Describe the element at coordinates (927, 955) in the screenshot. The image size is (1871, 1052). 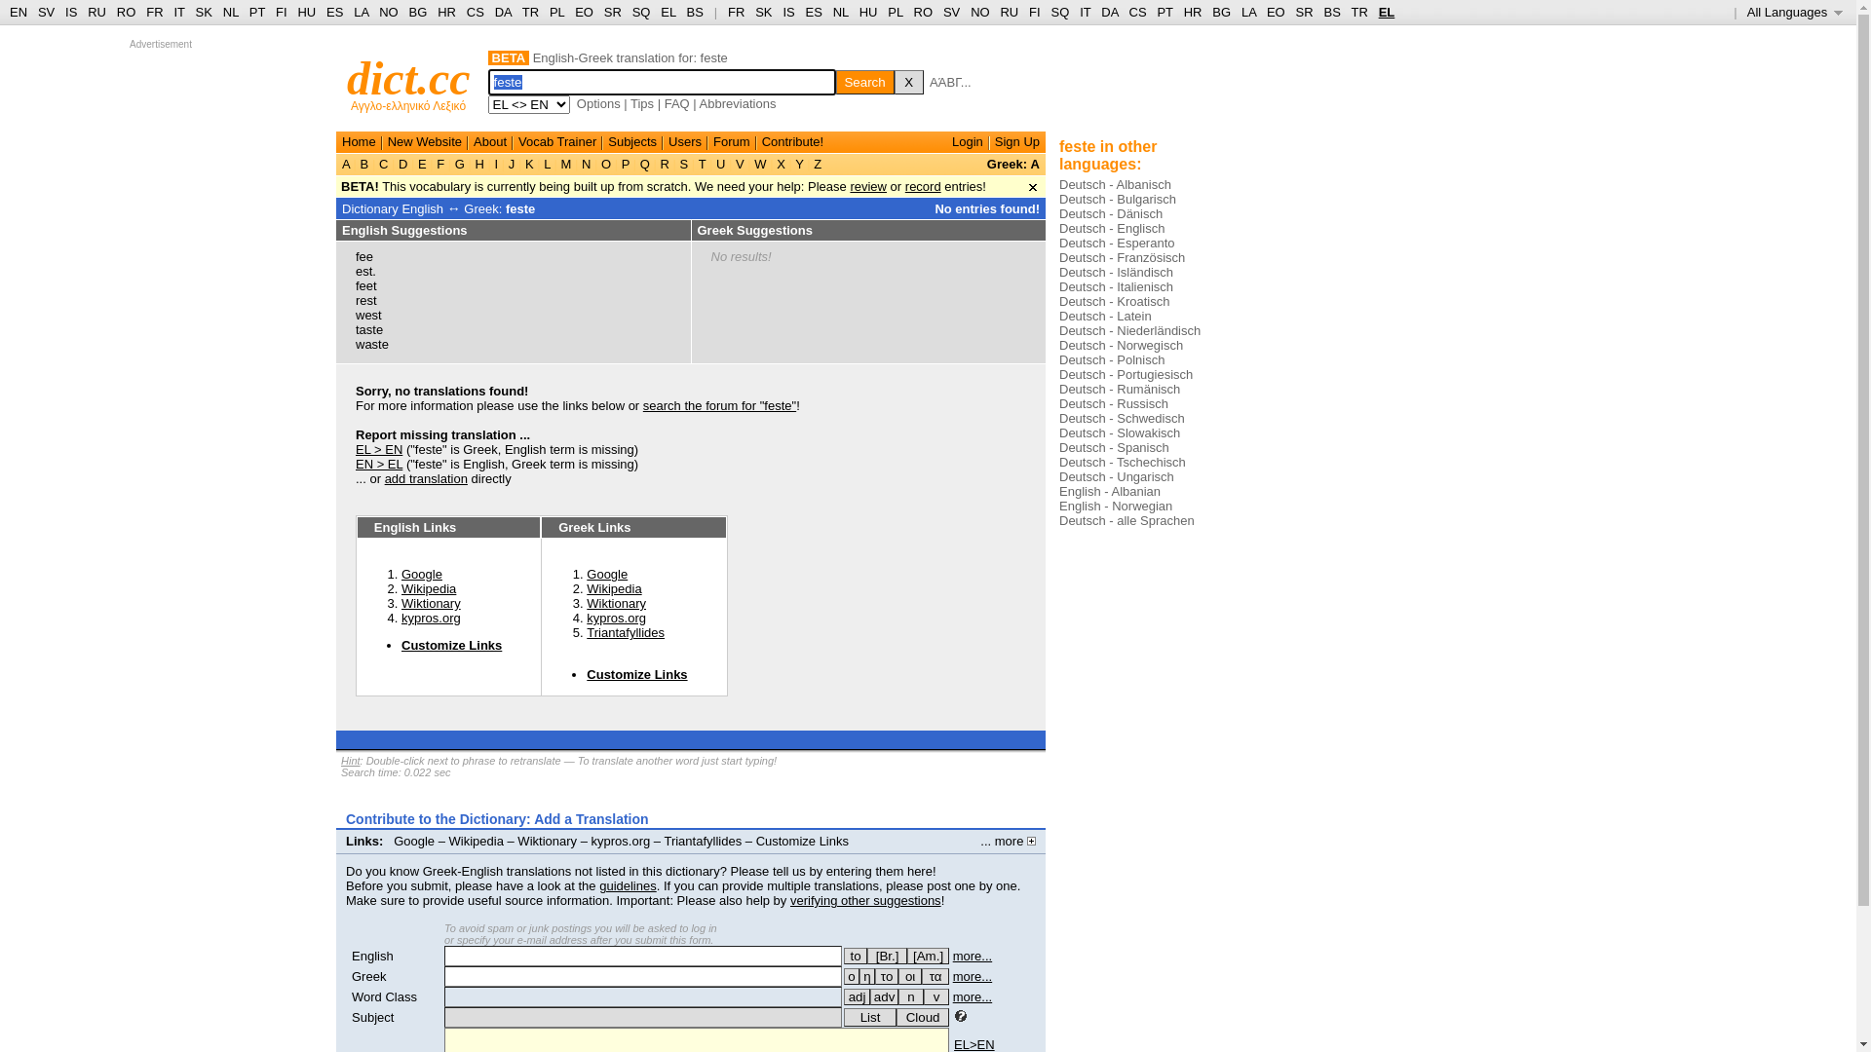
I see `'[Am.]'` at that location.